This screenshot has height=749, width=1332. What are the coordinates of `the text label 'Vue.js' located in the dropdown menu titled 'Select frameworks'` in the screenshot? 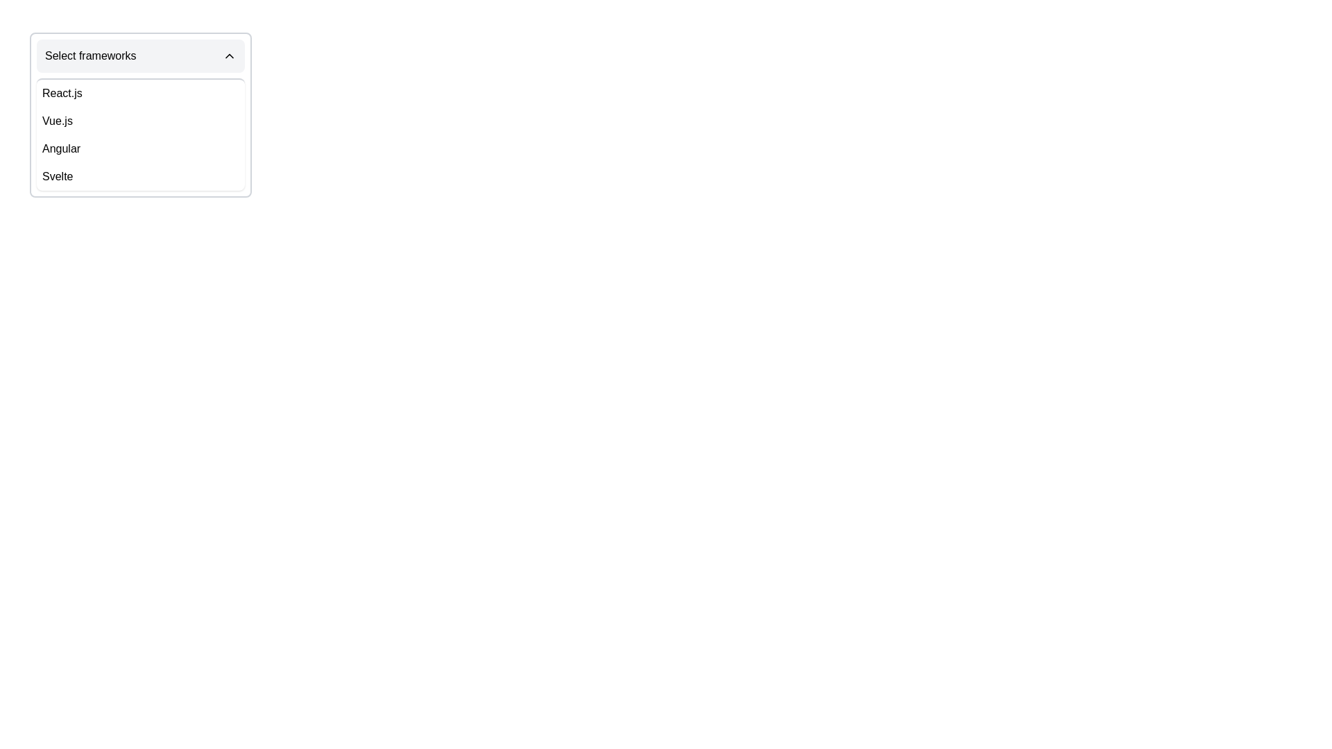 It's located at (56, 120).